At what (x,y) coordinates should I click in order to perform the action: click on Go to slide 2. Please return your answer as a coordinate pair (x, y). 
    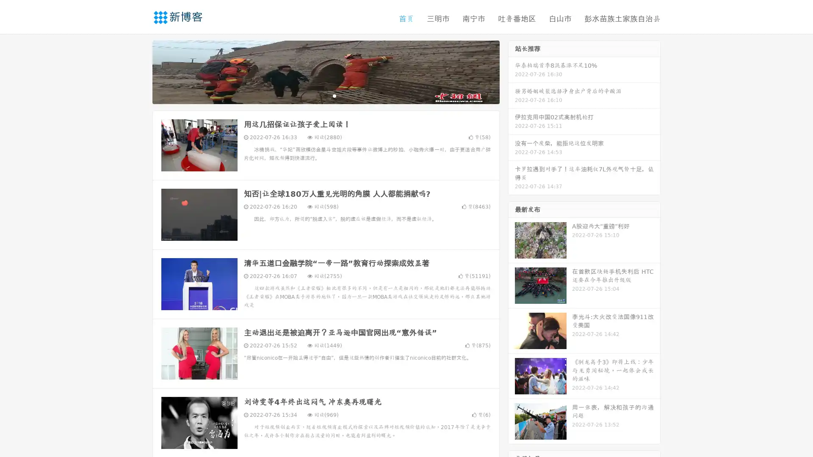
    Looking at the image, I should click on (325, 95).